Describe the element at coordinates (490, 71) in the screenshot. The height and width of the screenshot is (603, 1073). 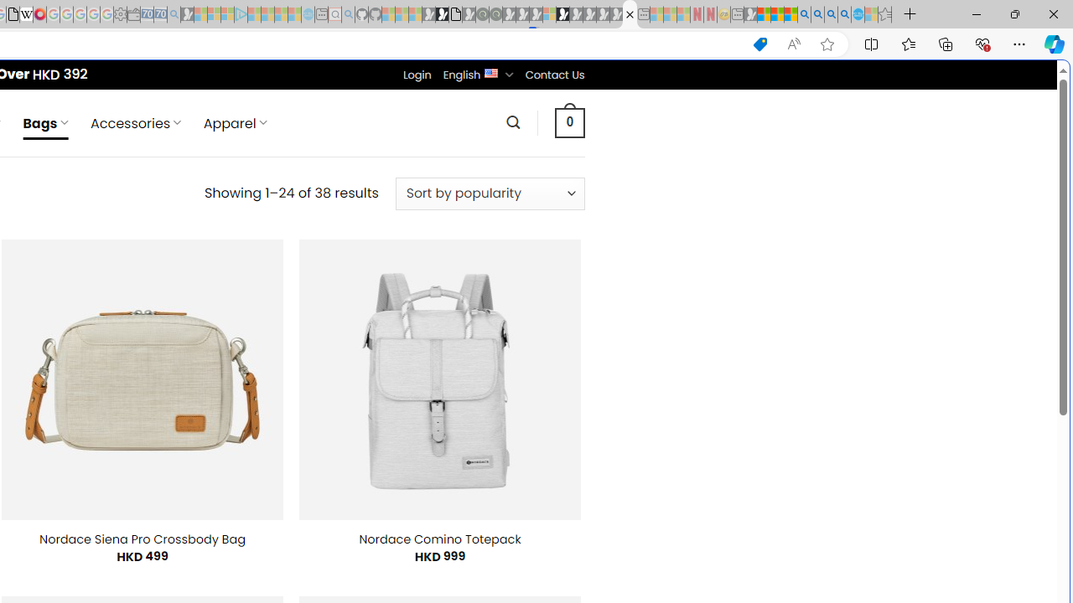
I see `'English'` at that location.